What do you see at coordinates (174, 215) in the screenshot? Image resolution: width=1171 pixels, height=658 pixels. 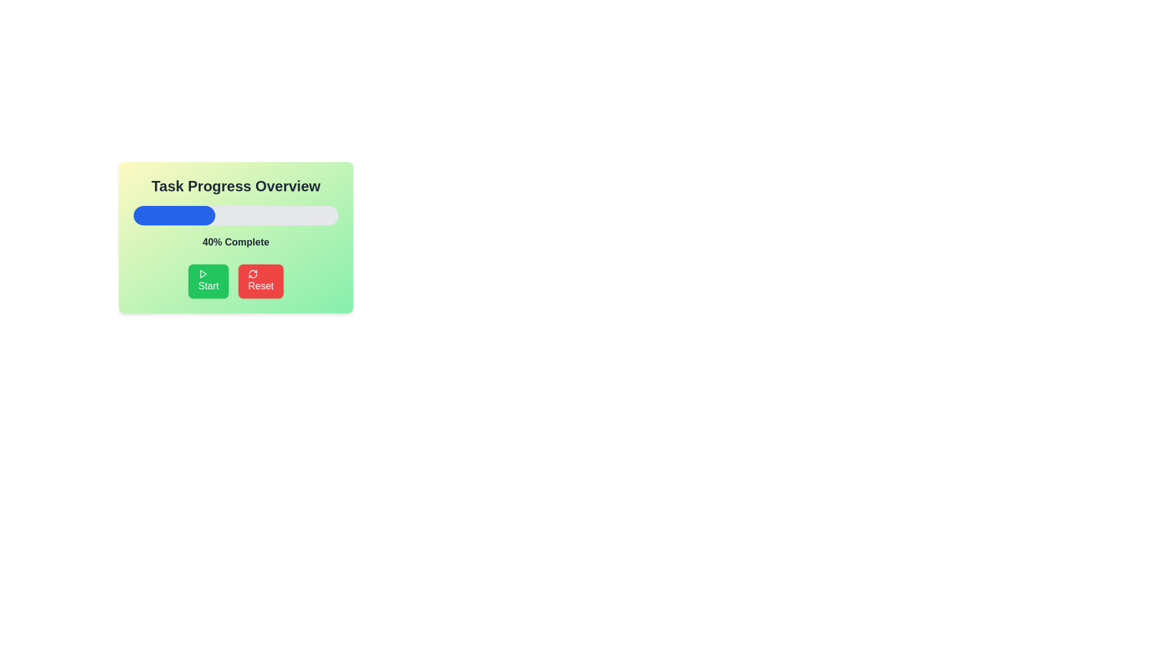 I see `the blue progress indicator which represents 40% of the progress within the larger horizontal progress bar in the 'Task Progress Overview' section` at bounding box center [174, 215].